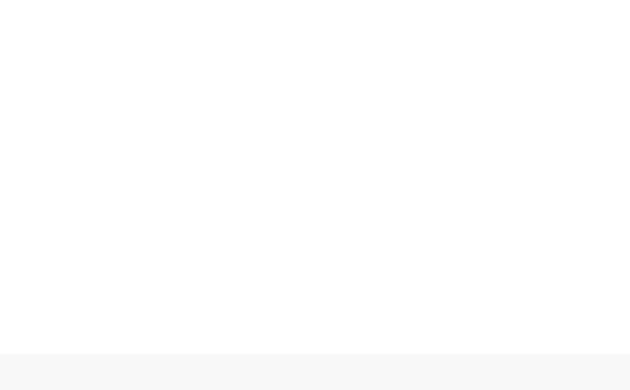  I want to click on 'Book Reviews', so click(399, 292).